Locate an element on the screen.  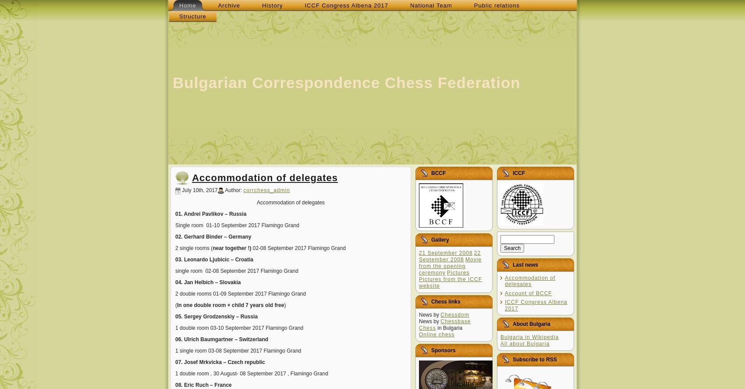
'd=document;
d.write('' is located at coordinates (330, 30).